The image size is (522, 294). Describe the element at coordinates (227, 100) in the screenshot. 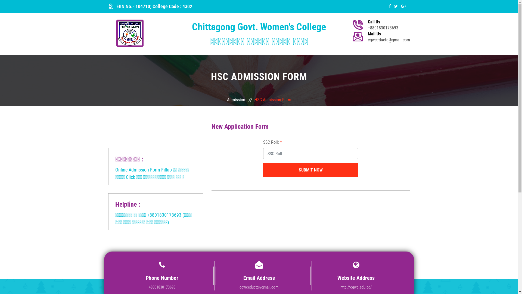

I see `'Admission'` at that location.